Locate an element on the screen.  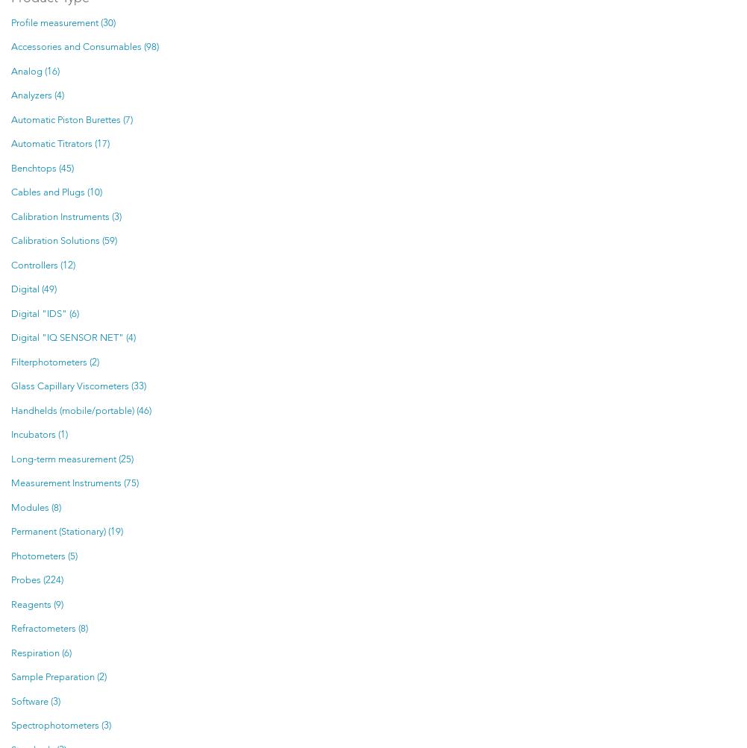
'Profile measurement (30)' is located at coordinates (11, 22).